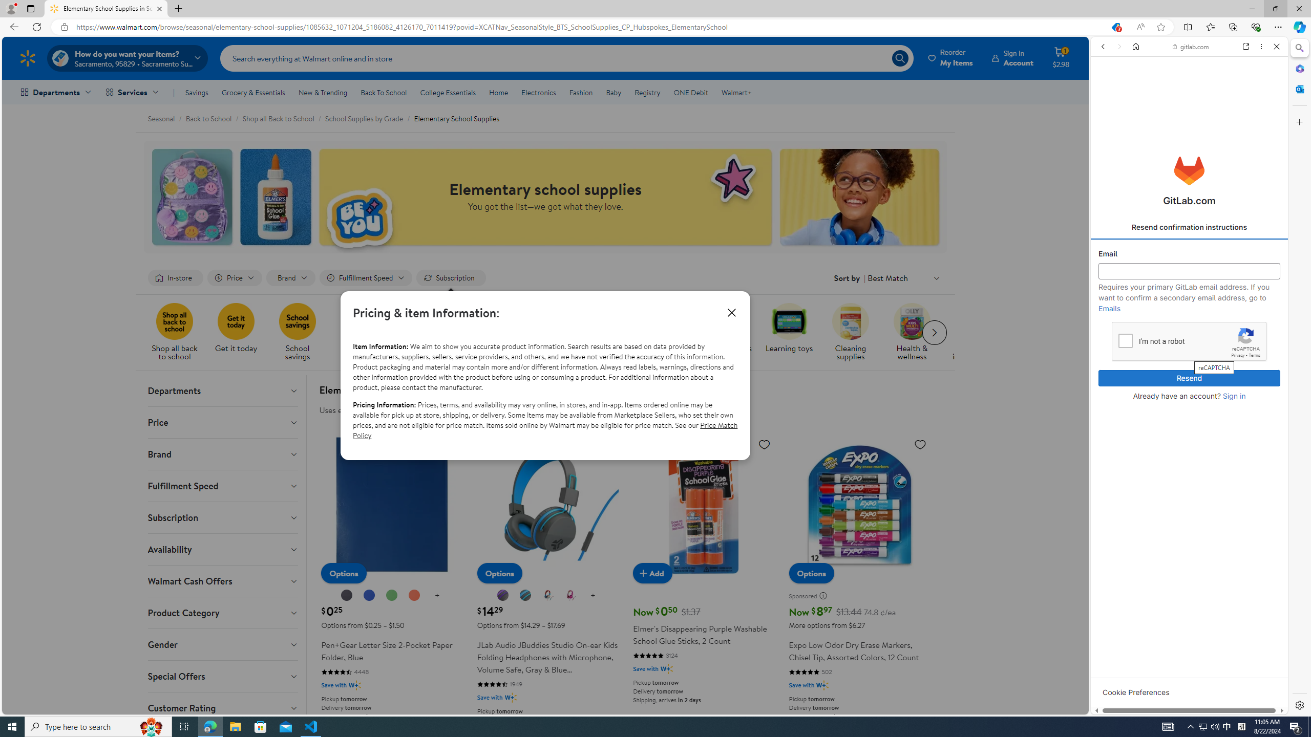  Describe the element at coordinates (731, 312) in the screenshot. I see `'Close dialog'` at that location.